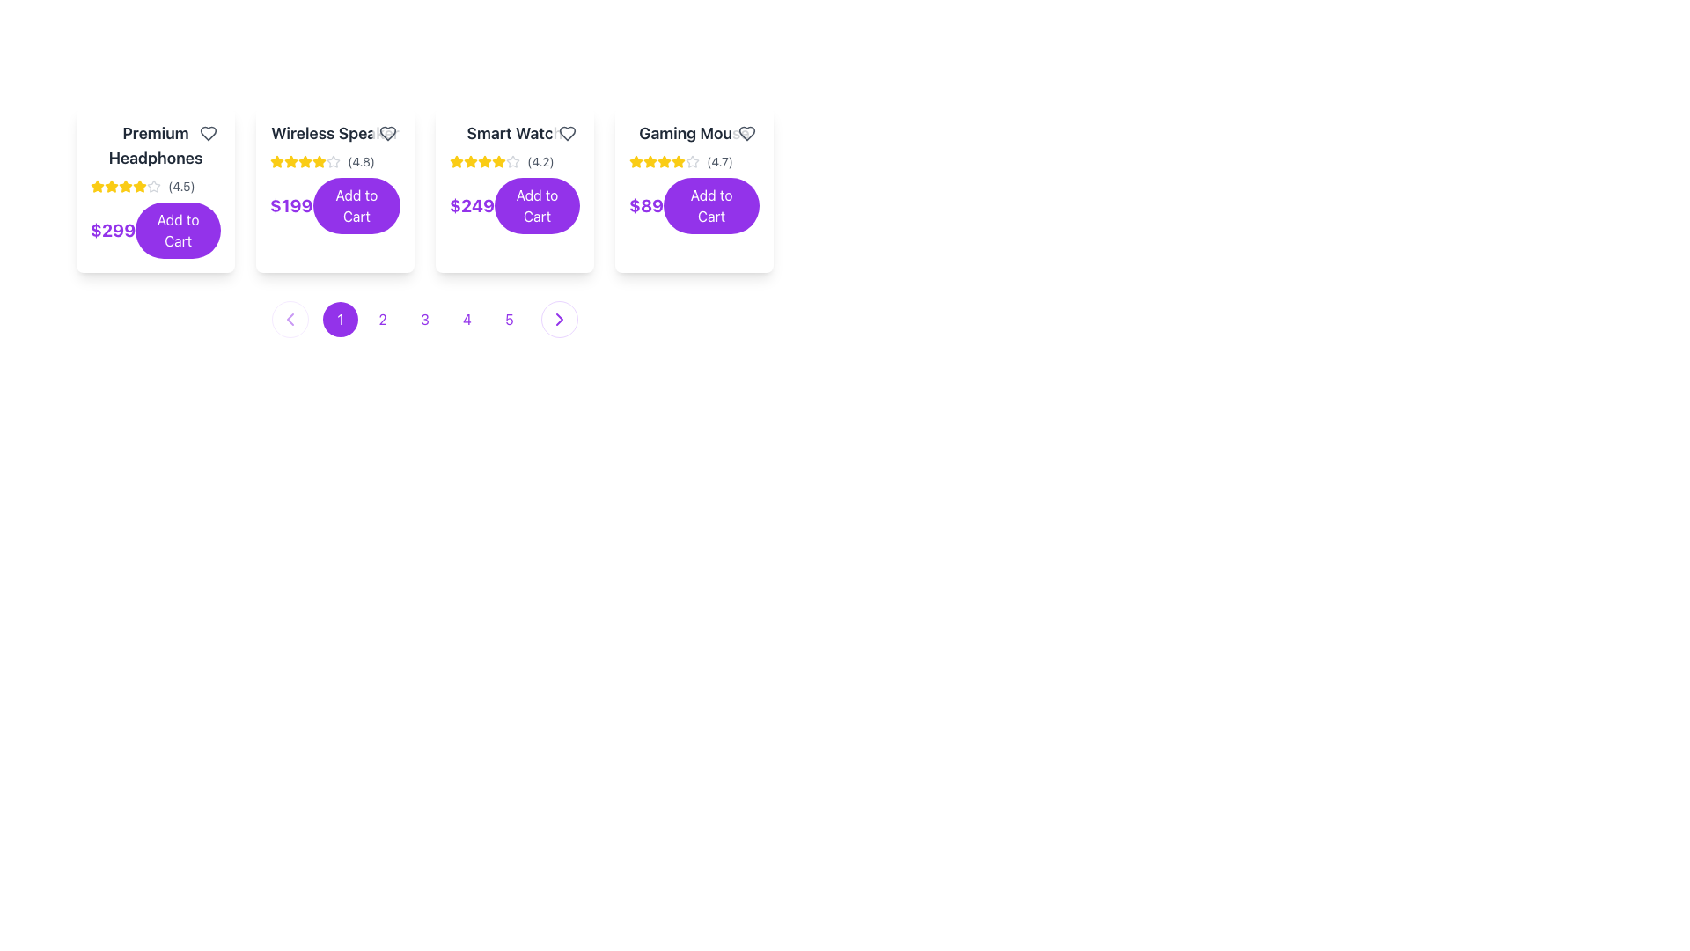 This screenshot has height=951, width=1690. I want to click on the Rating indicator of the 'Wireless Speaker' card, which visually represents a rating score of 4.8 out of 5, located at the center of the card layout, so click(334, 162).